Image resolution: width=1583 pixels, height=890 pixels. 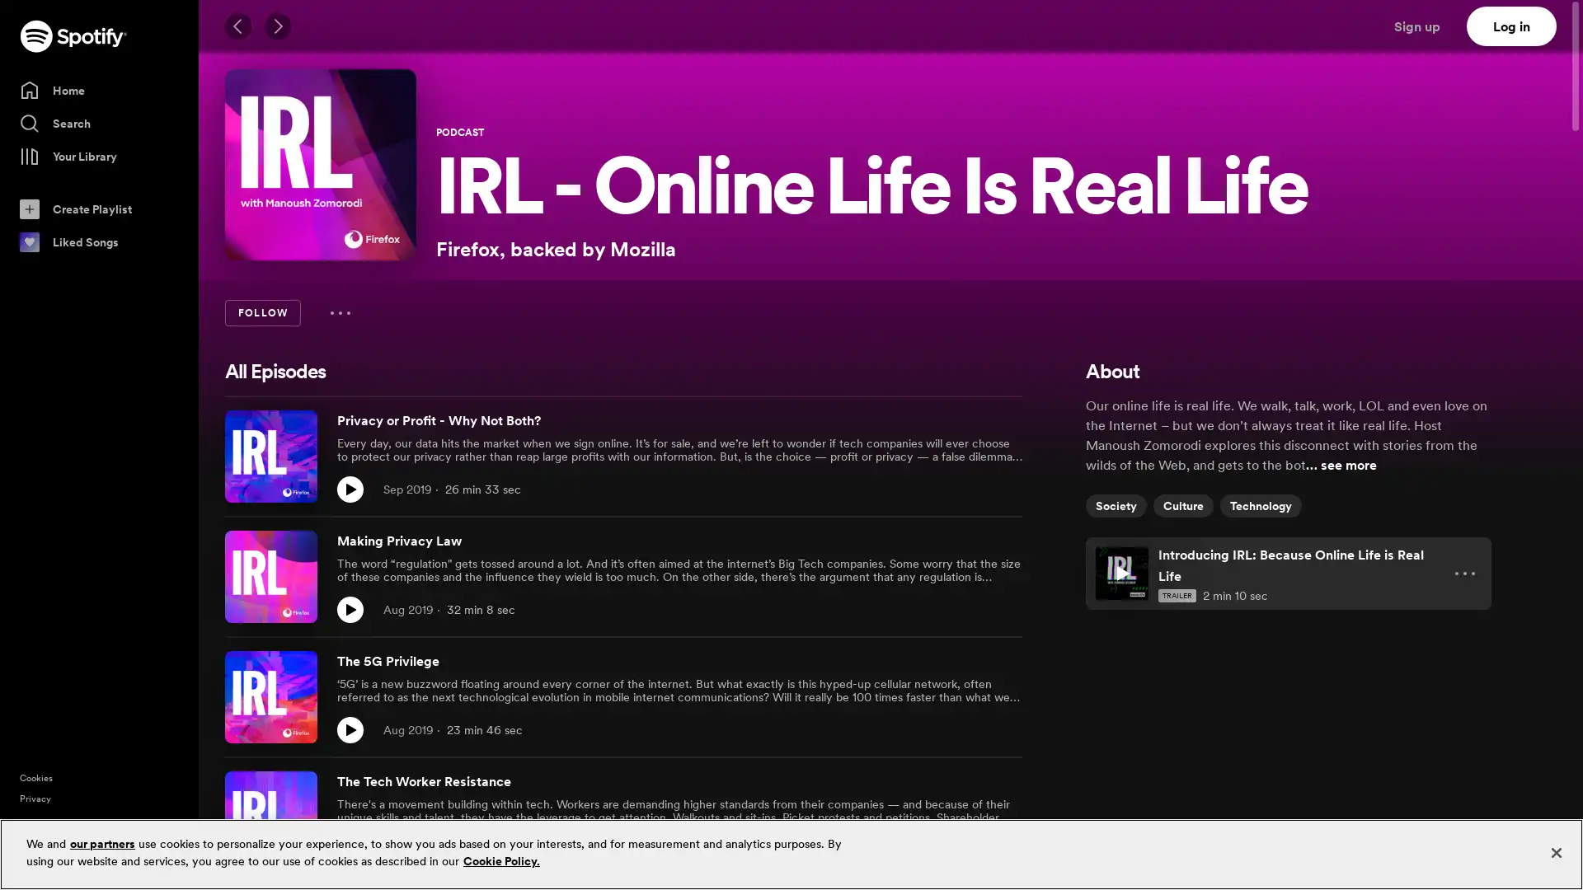 What do you see at coordinates (261, 313) in the screenshot?
I see `FOLLOW` at bounding box center [261, 313].